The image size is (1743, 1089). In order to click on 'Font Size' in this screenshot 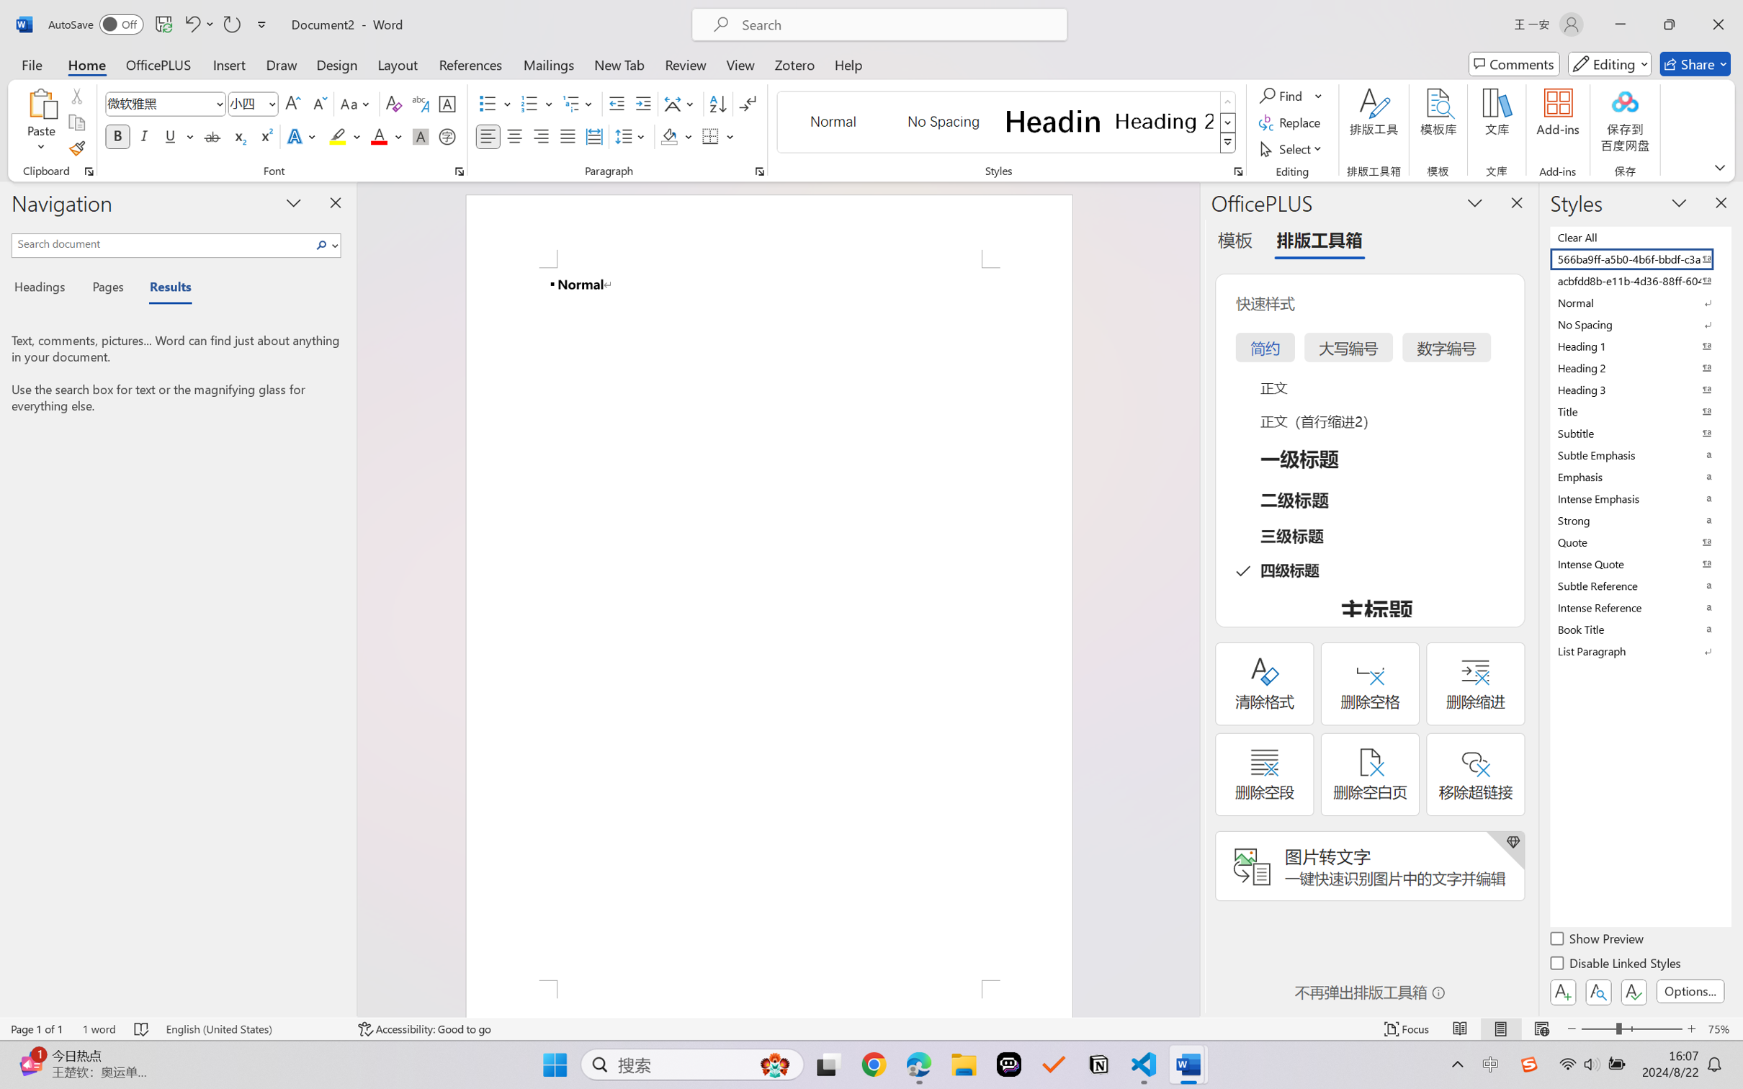, I will do `click(246, 104)`.